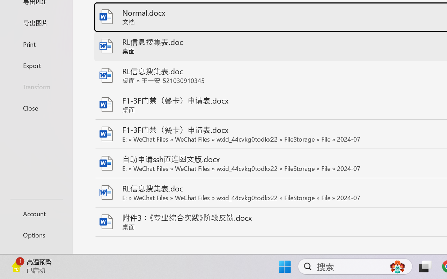  Describe the element at coordinates (36, 44) in the screenshot. I see `'Print'` at that location.